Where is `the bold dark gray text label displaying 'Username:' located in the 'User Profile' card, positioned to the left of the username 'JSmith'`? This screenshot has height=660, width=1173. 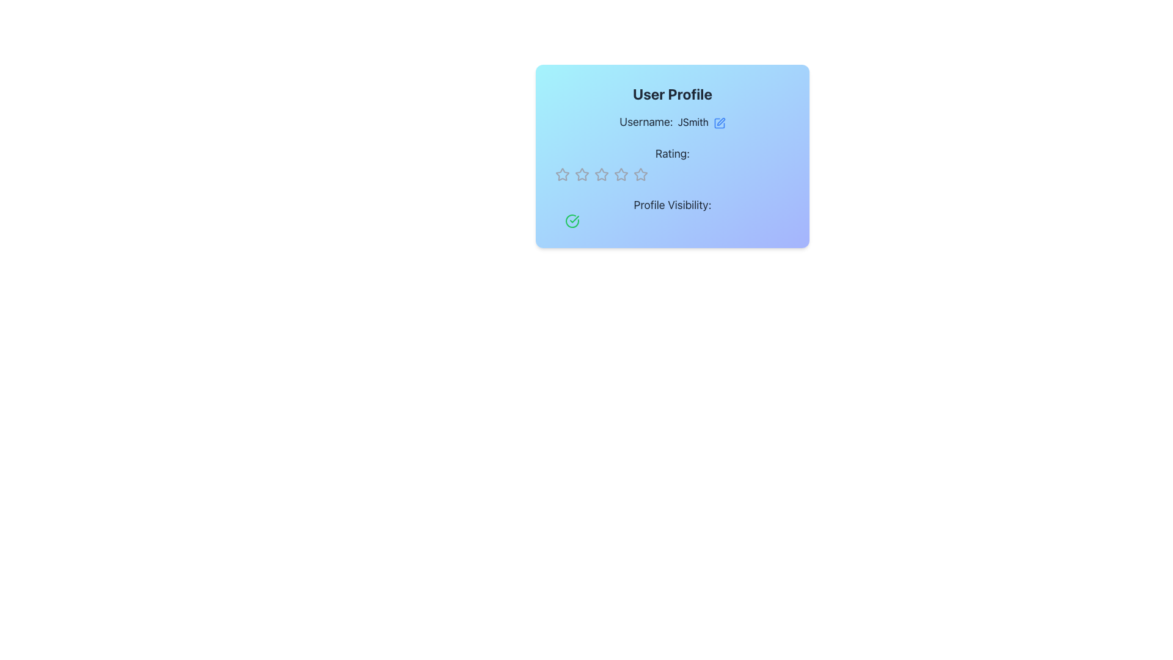
the bold dark gray text label displaying 'Username:' located in the 'User Profile' card, positioned to the left of the username 'JSmith' is located at coordinates (645, 122).